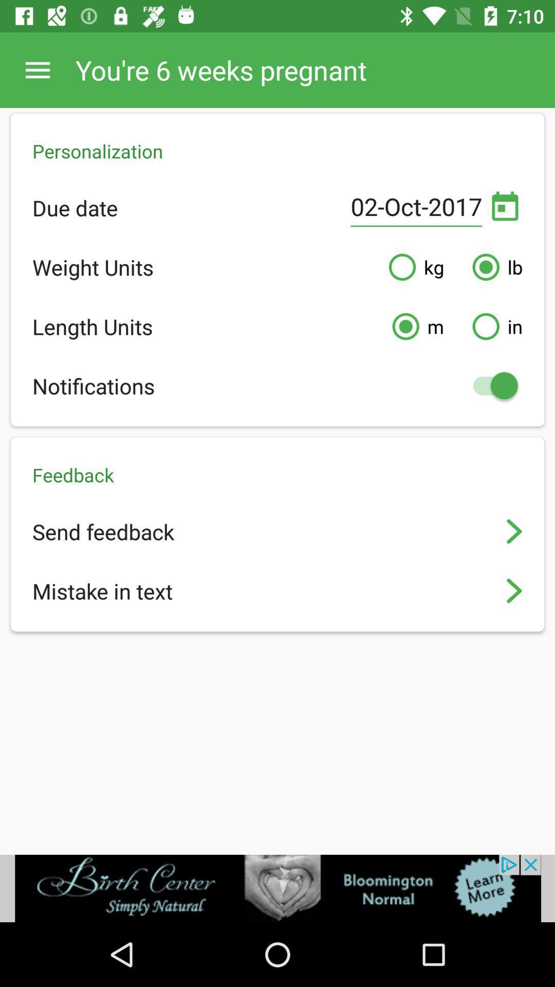  Describe the element at coordinates (277, 888) in the screenshot. I see `advertisement` at that location.